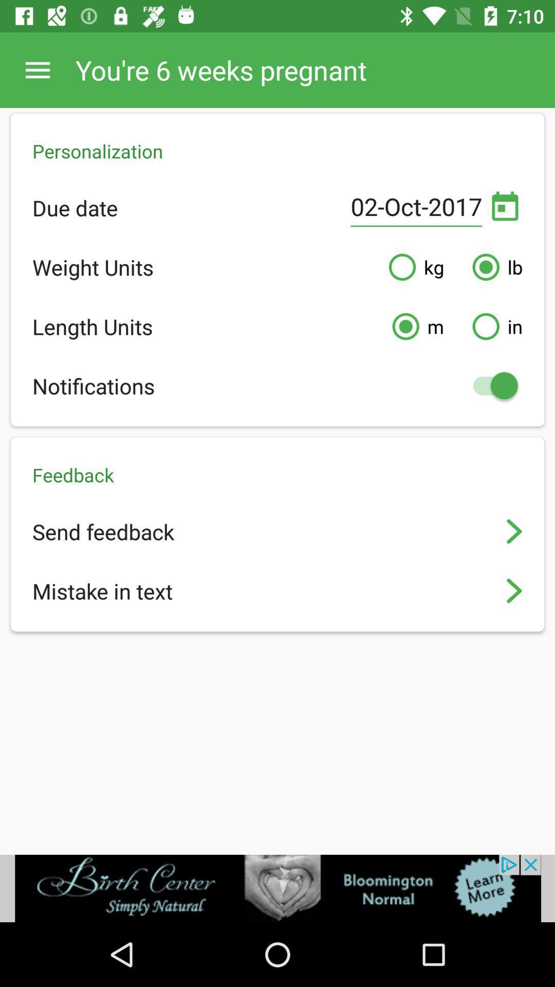  Describe the element at coordinates (277, 888) in the screenshot. I see `advertisement` at that location.